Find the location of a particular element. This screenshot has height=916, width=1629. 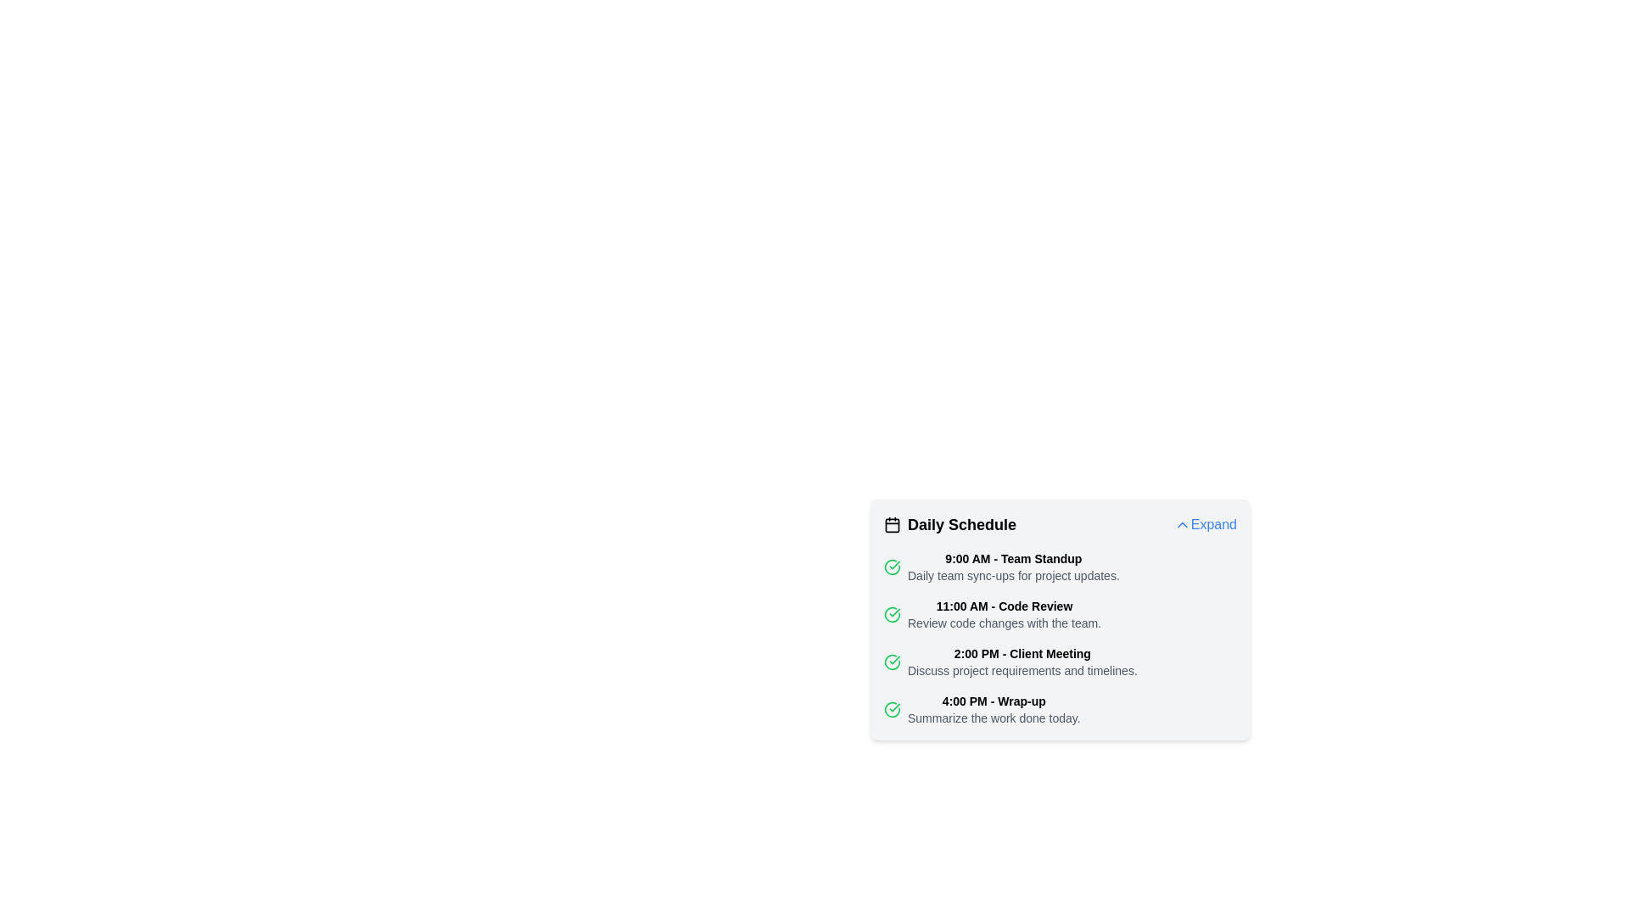

text displaying 'Daily team sync-ups for project updates.' which is located under the bolded title '9:00 AM - Team Standup' in the schedule interface is located at coordinates (1013, 574).